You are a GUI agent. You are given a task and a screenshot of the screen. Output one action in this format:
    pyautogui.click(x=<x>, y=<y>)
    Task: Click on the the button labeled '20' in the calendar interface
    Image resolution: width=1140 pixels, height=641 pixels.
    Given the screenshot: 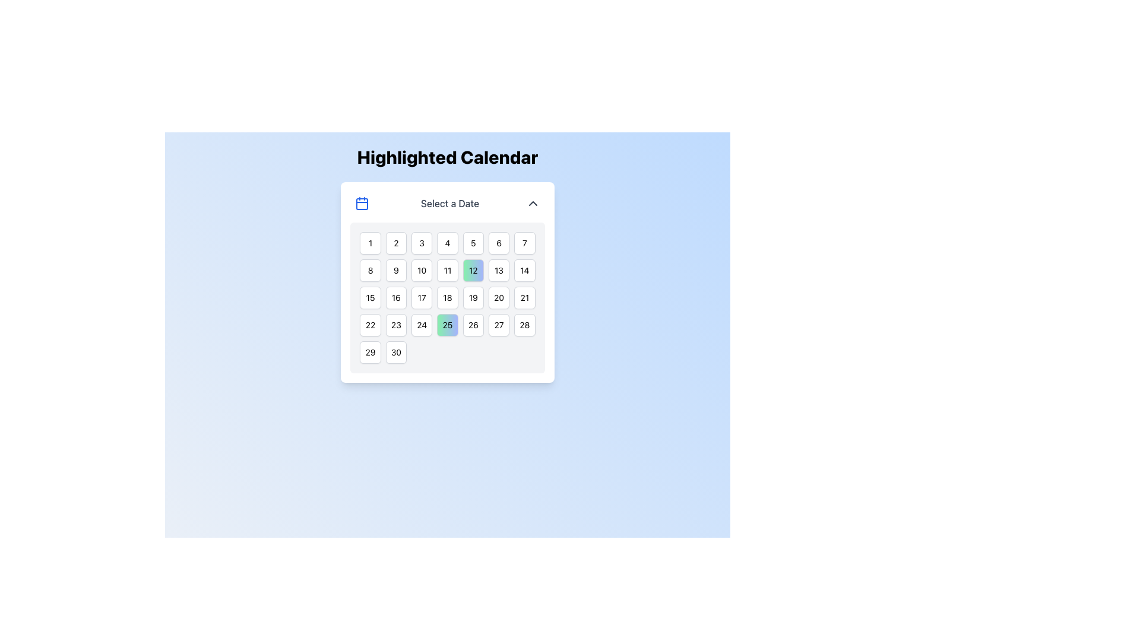 What is the action you would take?
    pyautogui.click(x=499, y=297)
    